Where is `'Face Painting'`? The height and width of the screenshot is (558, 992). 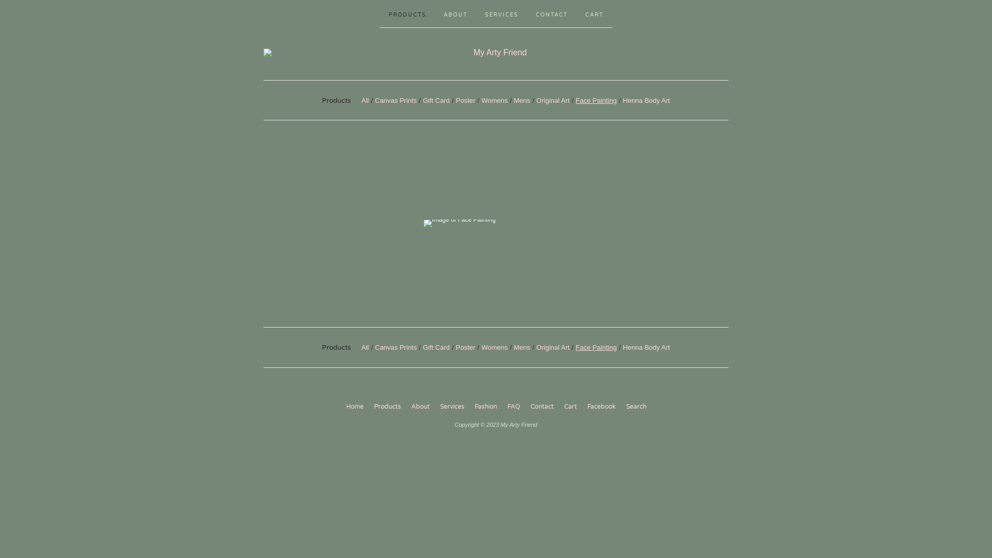 'Face Painting' is located at coordinates (596, 100).